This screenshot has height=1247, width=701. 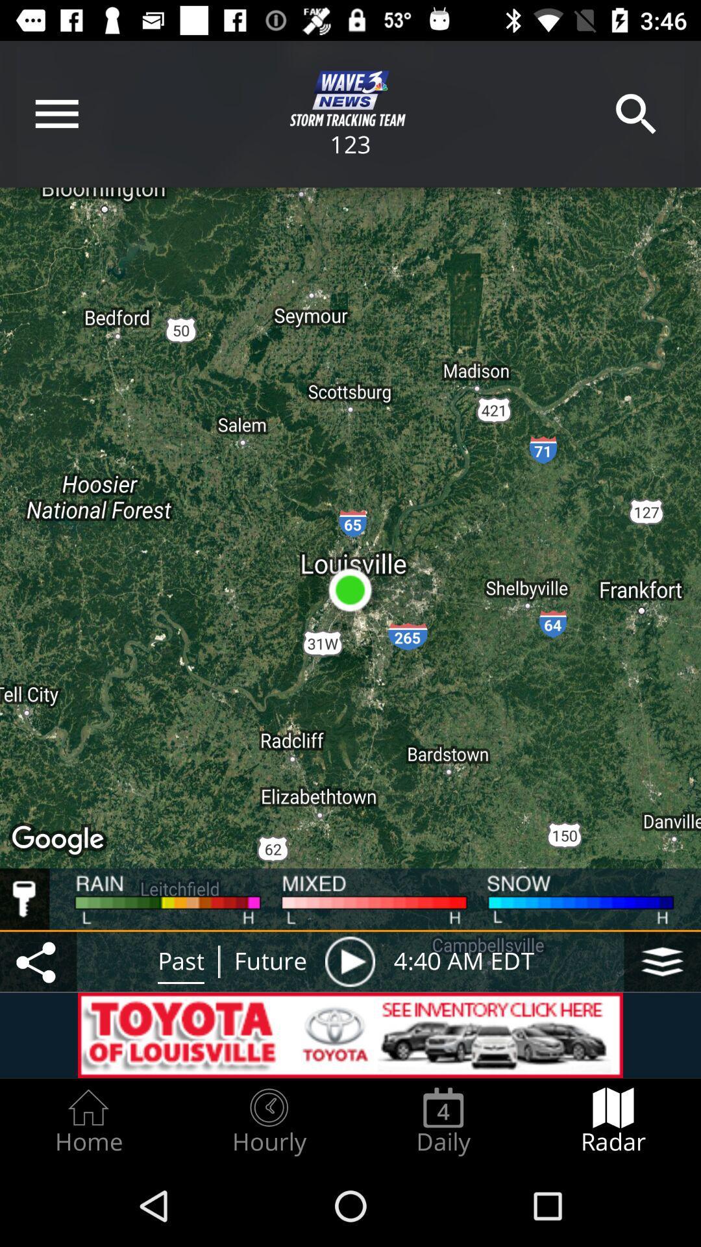 I want to click on the radar item, so click(x=613, y=1121).